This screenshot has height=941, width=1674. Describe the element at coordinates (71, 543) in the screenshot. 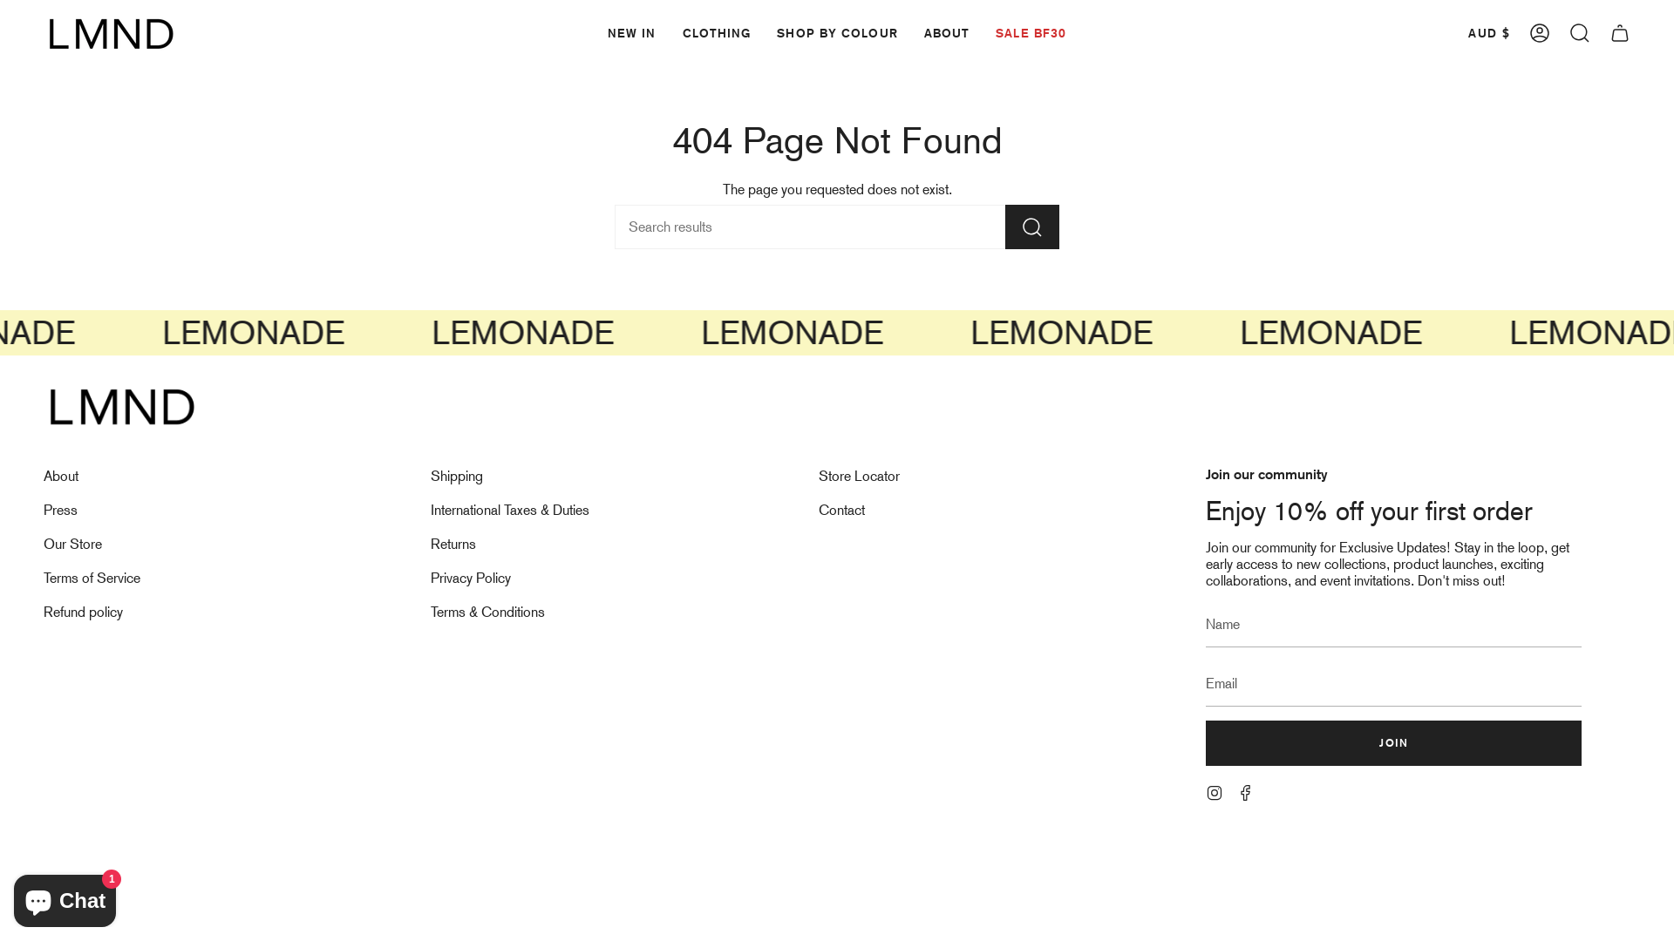

I see `'Our Store'` at that location.